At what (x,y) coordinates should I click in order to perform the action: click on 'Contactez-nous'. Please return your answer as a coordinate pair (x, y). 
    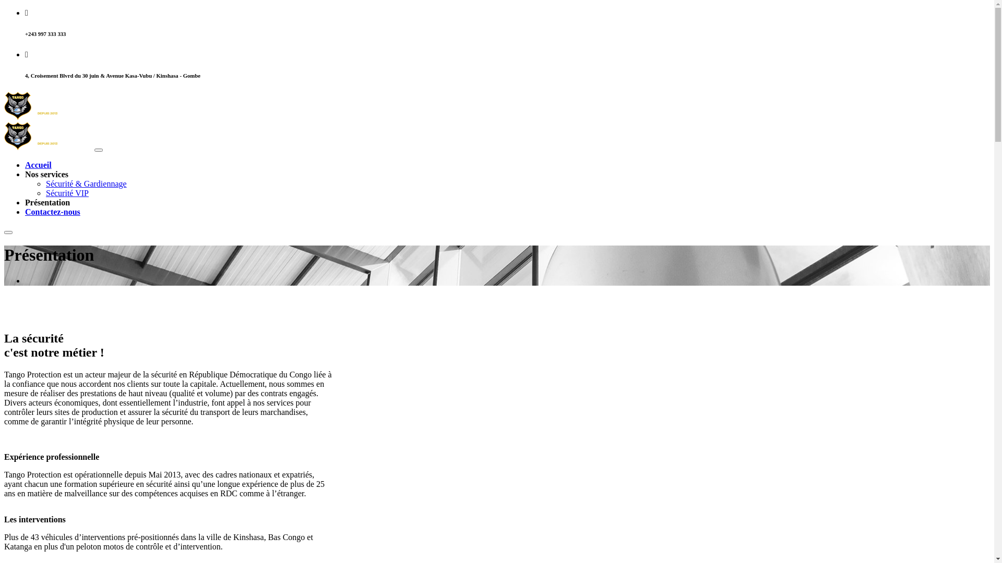
    Looking at the image, I should click on (52, 211).